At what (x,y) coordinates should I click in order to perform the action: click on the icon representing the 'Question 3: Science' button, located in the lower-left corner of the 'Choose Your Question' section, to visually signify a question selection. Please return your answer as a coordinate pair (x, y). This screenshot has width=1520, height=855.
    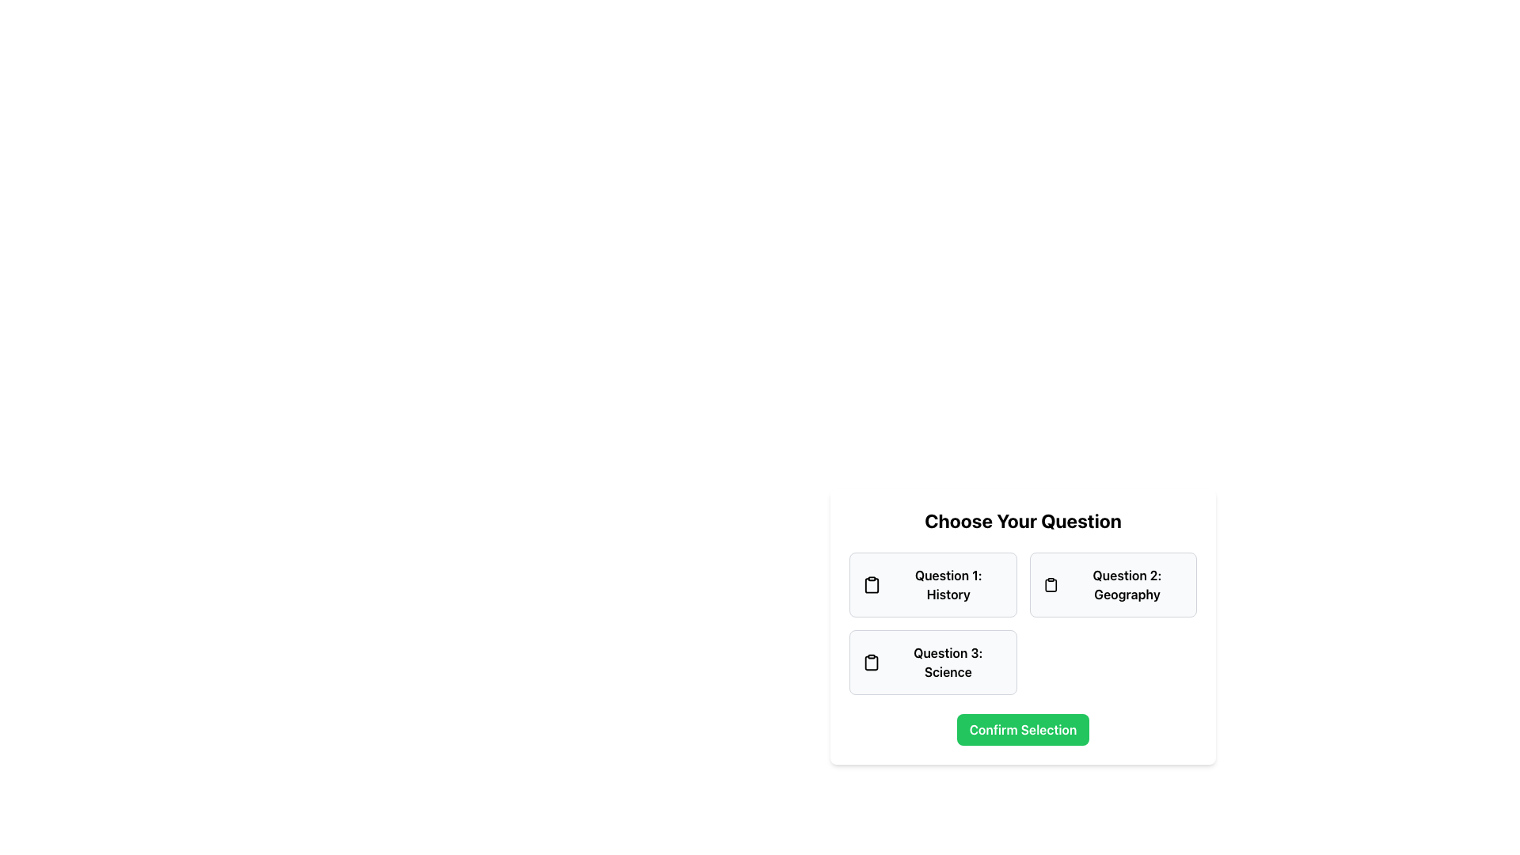
    Looking at the image, I should click on (871, 663).